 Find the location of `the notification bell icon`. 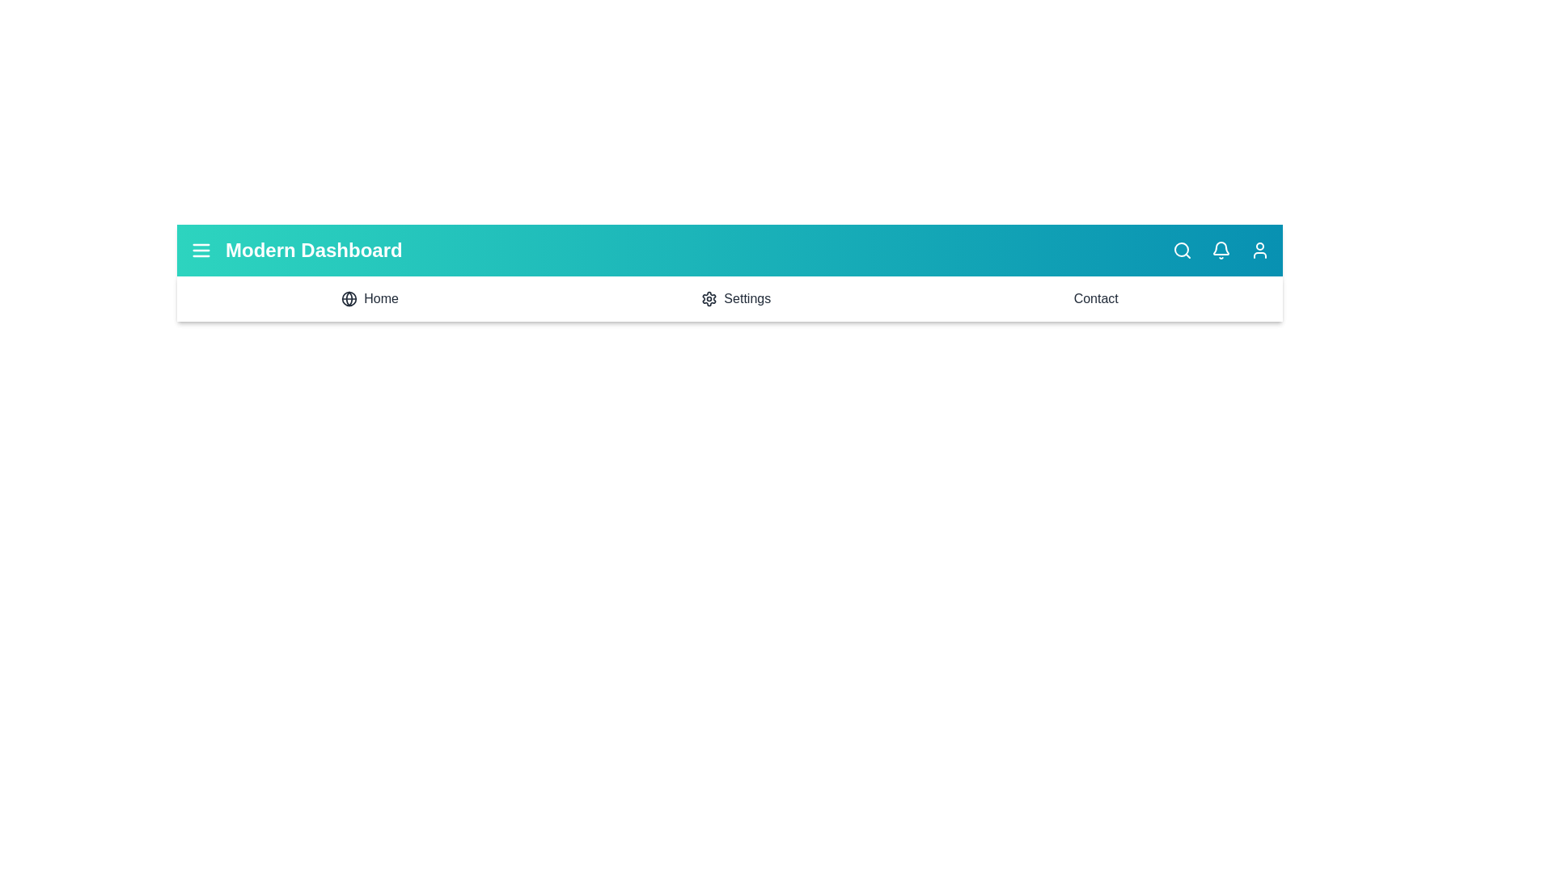

the notification bell icon is located at coordinates (1221, 250).